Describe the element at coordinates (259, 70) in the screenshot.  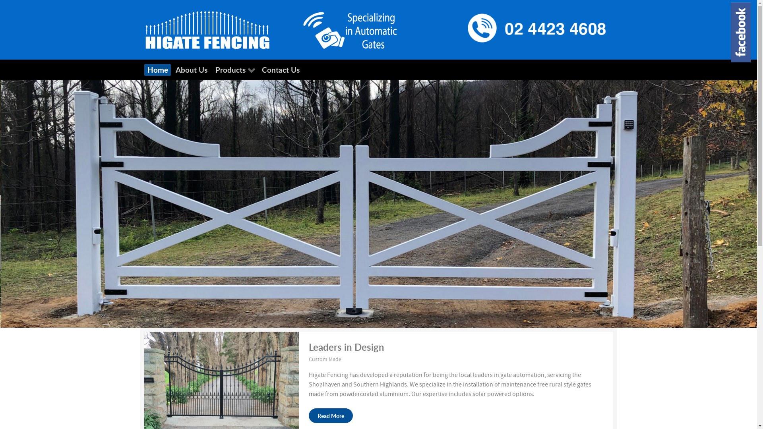
I see `'Contact Us'` at that location.